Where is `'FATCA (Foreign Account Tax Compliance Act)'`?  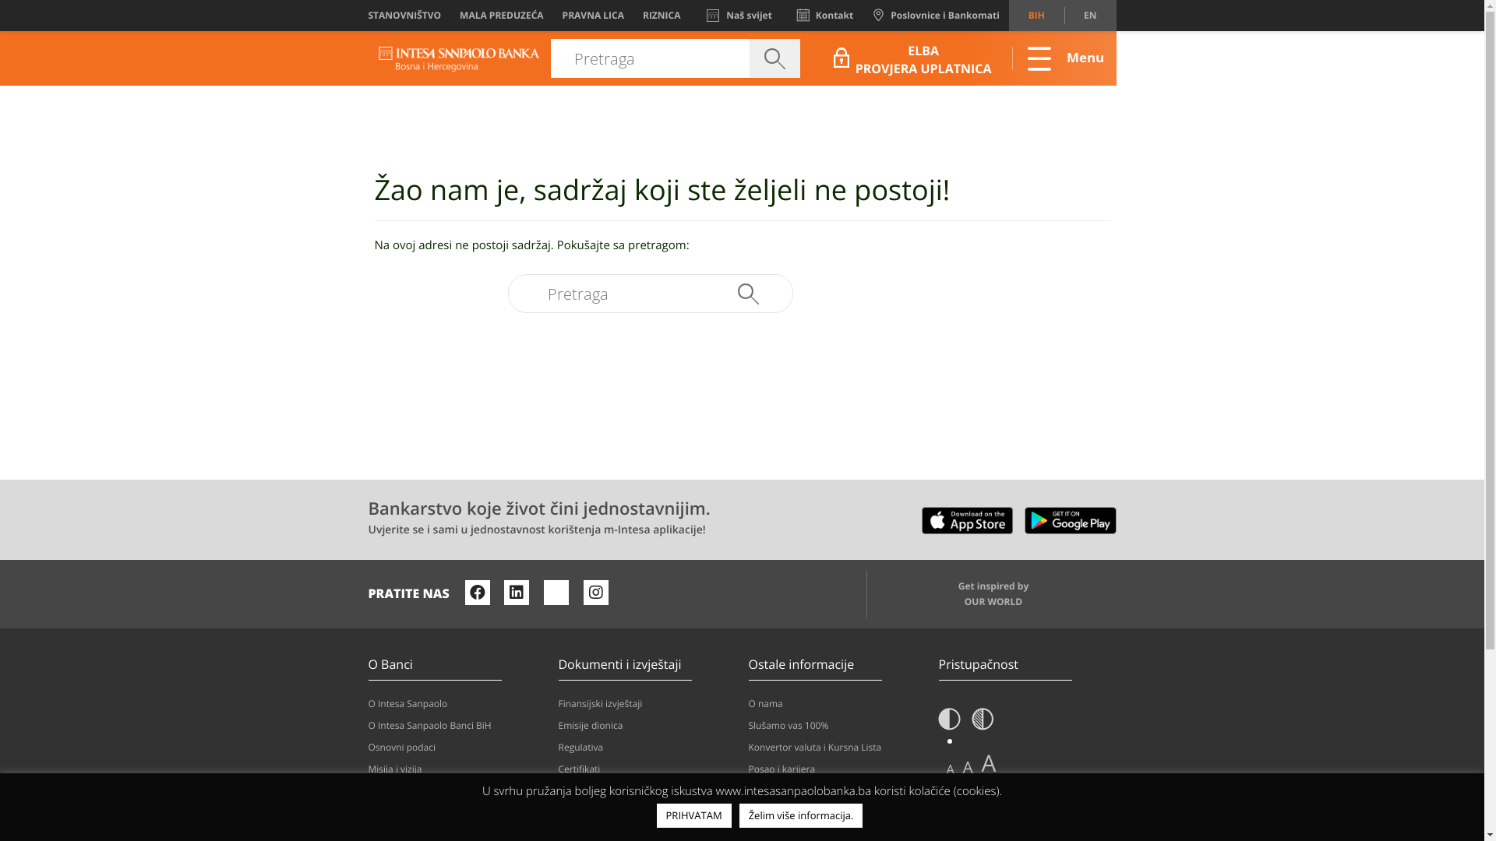
'FATCA (Foreign Account Tax Compliance Act)' is located at coordinates (647, 798).